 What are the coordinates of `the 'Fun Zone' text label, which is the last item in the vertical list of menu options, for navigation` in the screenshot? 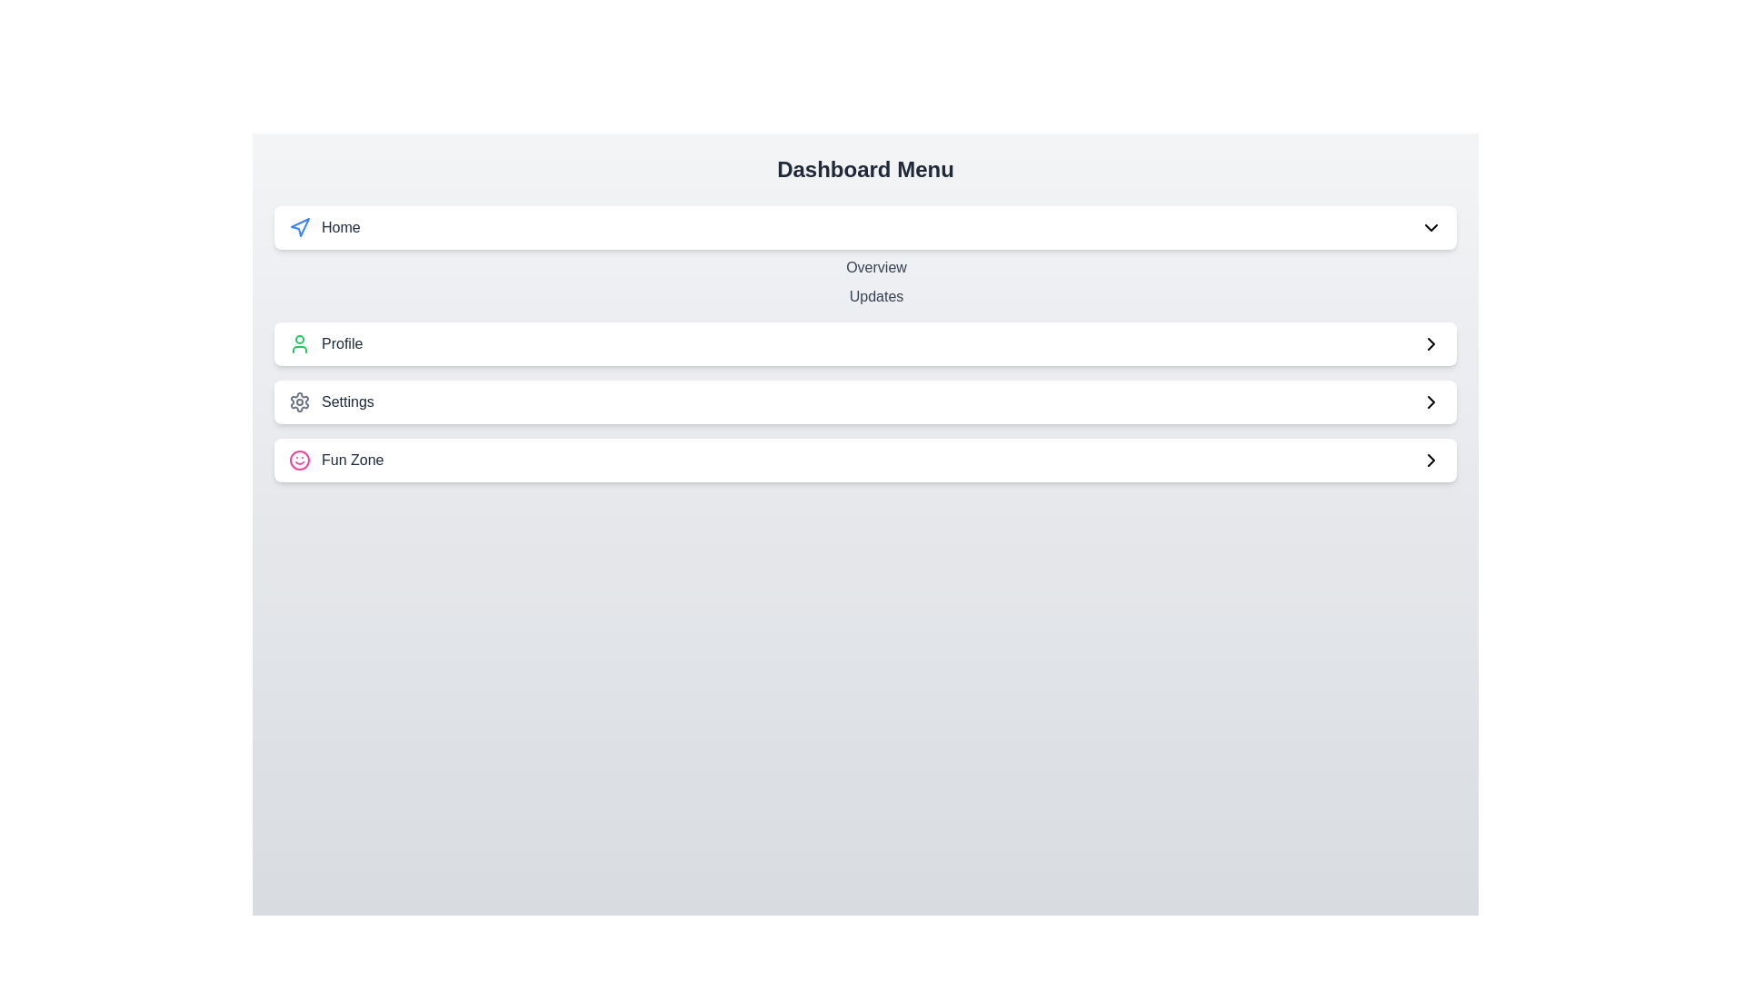 It's located at (353, 459).